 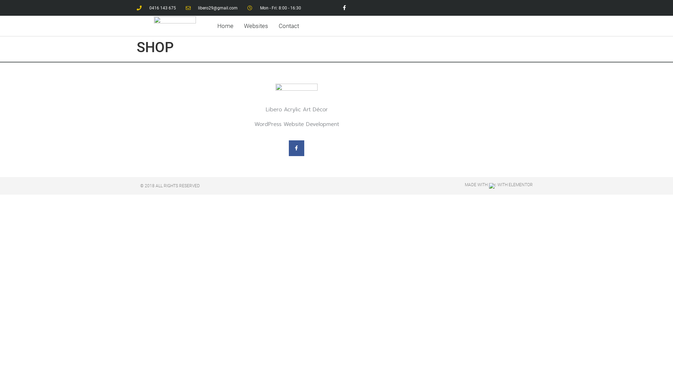 What do you see at coordinates (240, 25) in the screenshot?
I see `'Websites'` at bounding box center [240, 25].